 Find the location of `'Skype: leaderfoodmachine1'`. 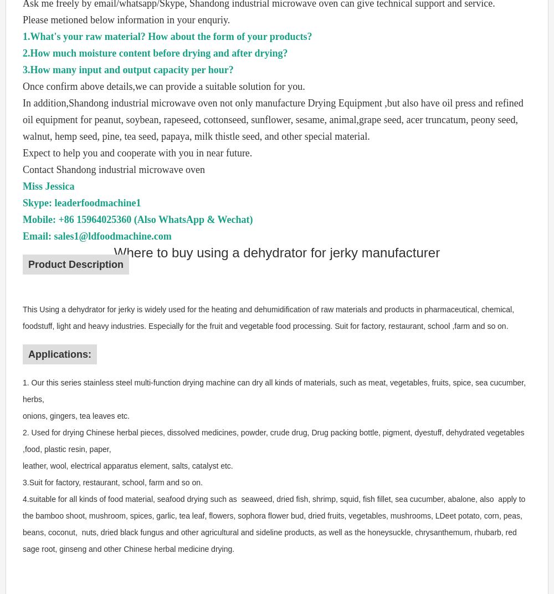

'Skype: leaderfoodmachine1' is located at coordinates (86, 202).